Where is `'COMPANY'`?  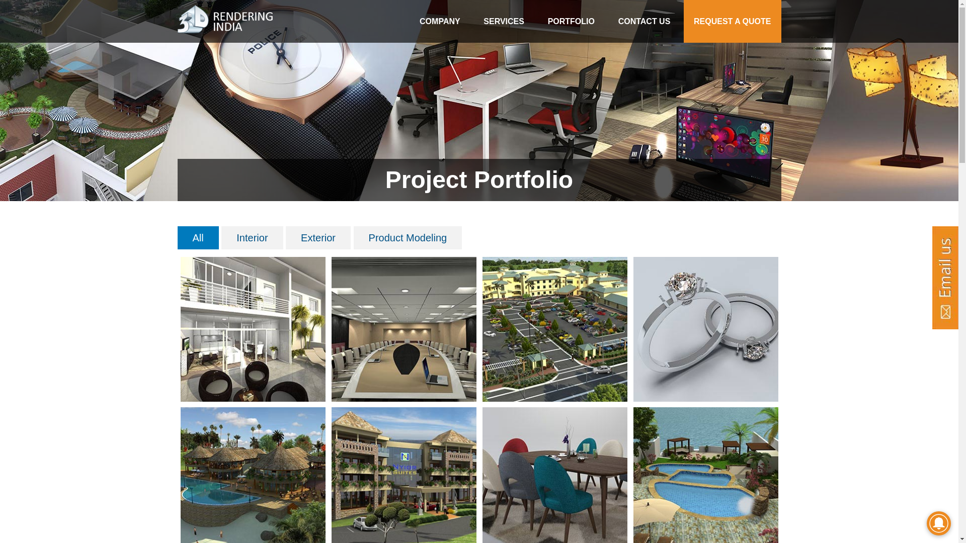 'COMPANY' is located at coordinates (440, 21).